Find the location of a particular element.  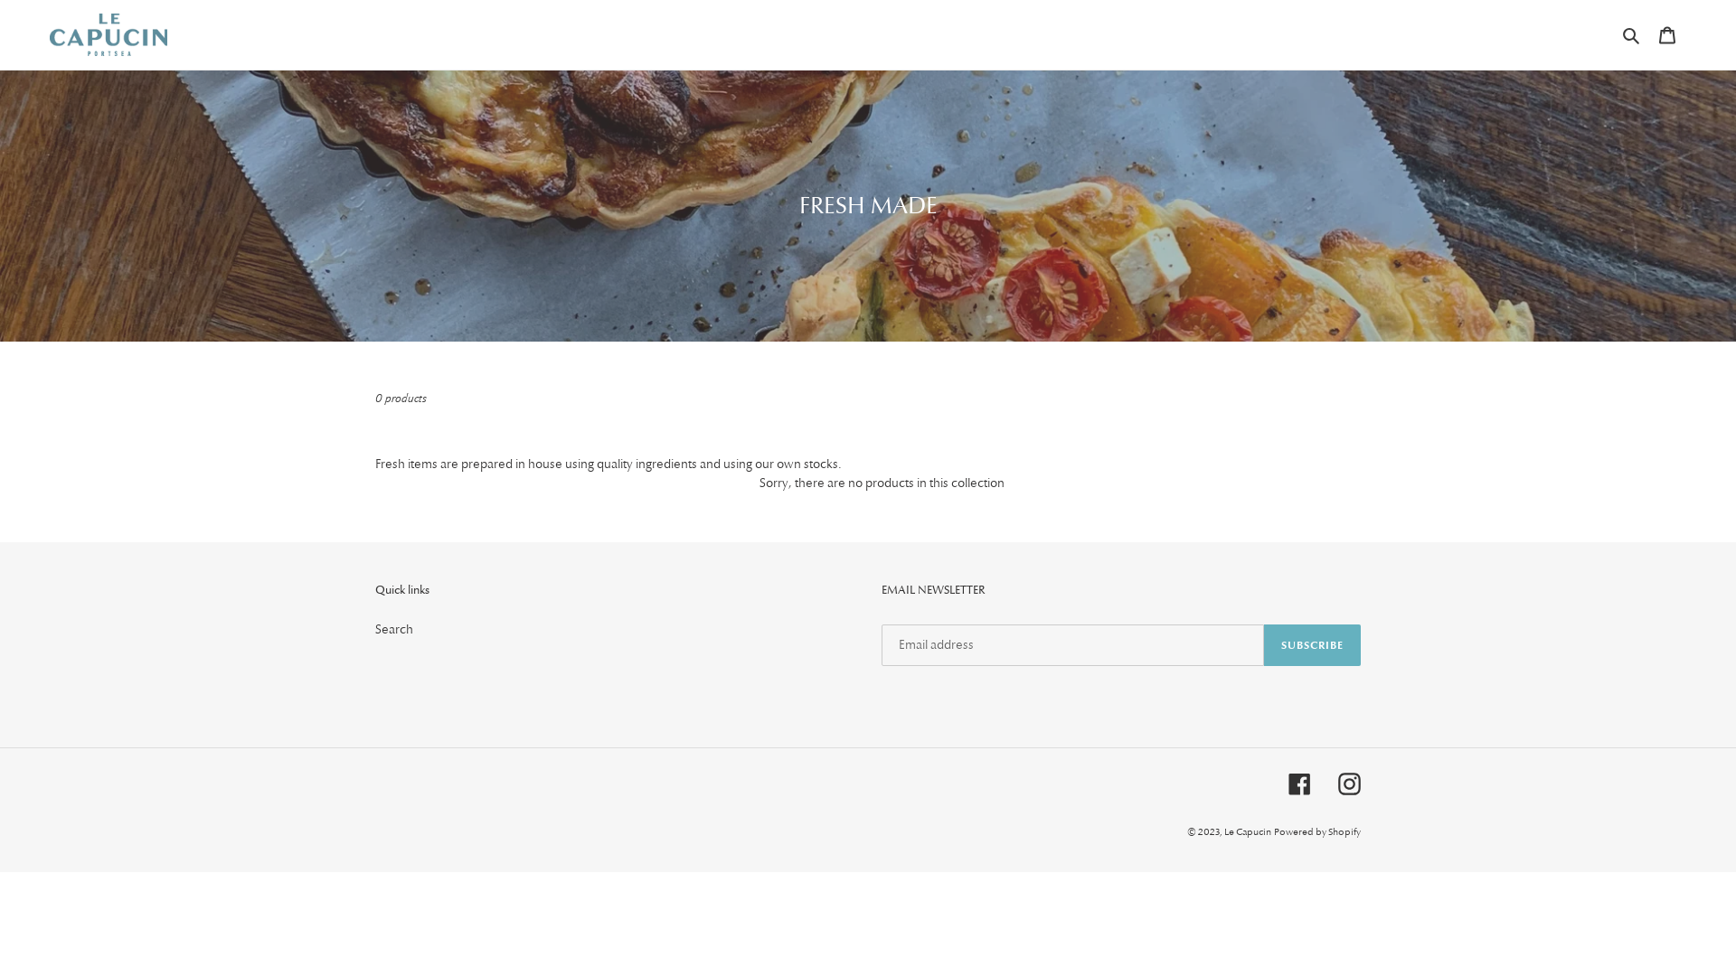

'Le Capucin' is located at coordinates (1247, 831).